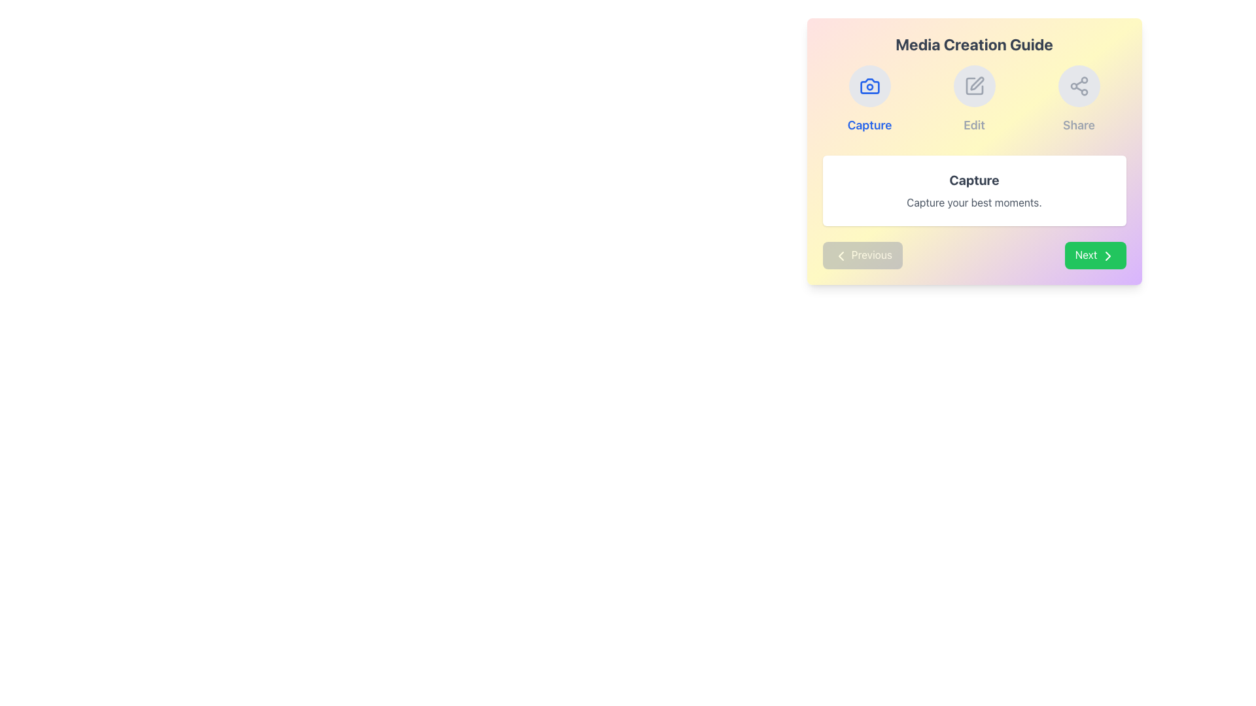 This screenshot has width=1256, height=706. Describe the element at coordinates (1079, 99) in the screenshot. I see `the share icon located in the rightmost column of a three-column layout, which is used for sharing content or information` at that location.